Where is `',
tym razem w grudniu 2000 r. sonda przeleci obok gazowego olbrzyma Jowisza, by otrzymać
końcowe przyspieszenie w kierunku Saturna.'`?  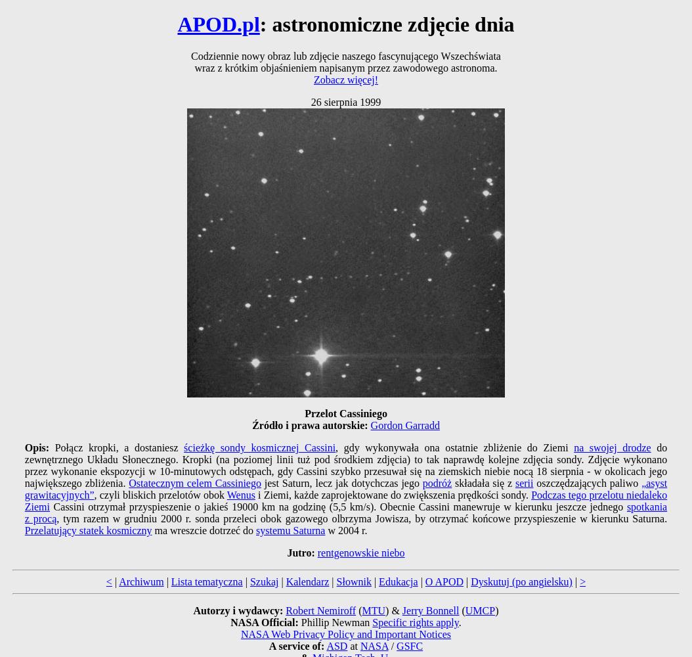 ',
tym razem w grudniu 2000 r. sonda przeleci obok gazowego olbrzyma Jowisza, by otrzymać
końcowe przyspieszenie w kierunku Saturna.' is located at coordinates (362, 518).